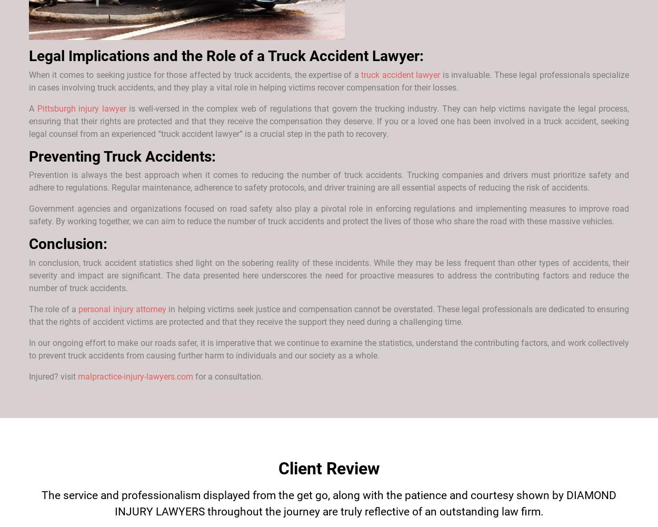 The height and width of the screenshot is (527, 658). I want to click on 'malpractice-injury-lawyers.com', so click(135, 376).